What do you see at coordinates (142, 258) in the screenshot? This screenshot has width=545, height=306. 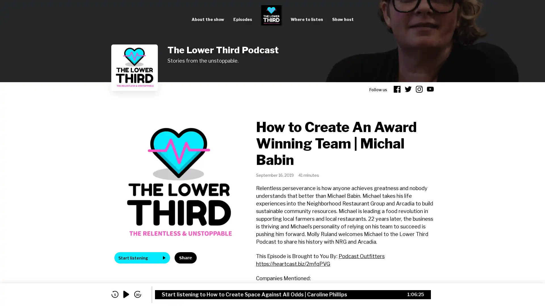 I see `Start listening` at bounding box center [142, 258].